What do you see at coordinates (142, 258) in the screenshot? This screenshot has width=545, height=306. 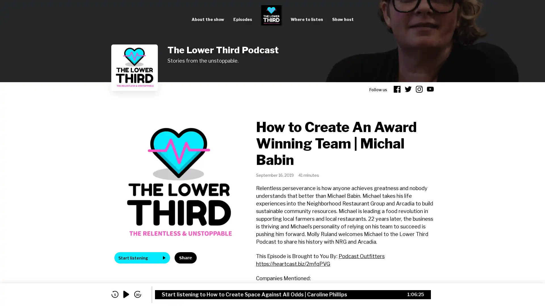 I see `Start listening` at bounding box center [142, 258].